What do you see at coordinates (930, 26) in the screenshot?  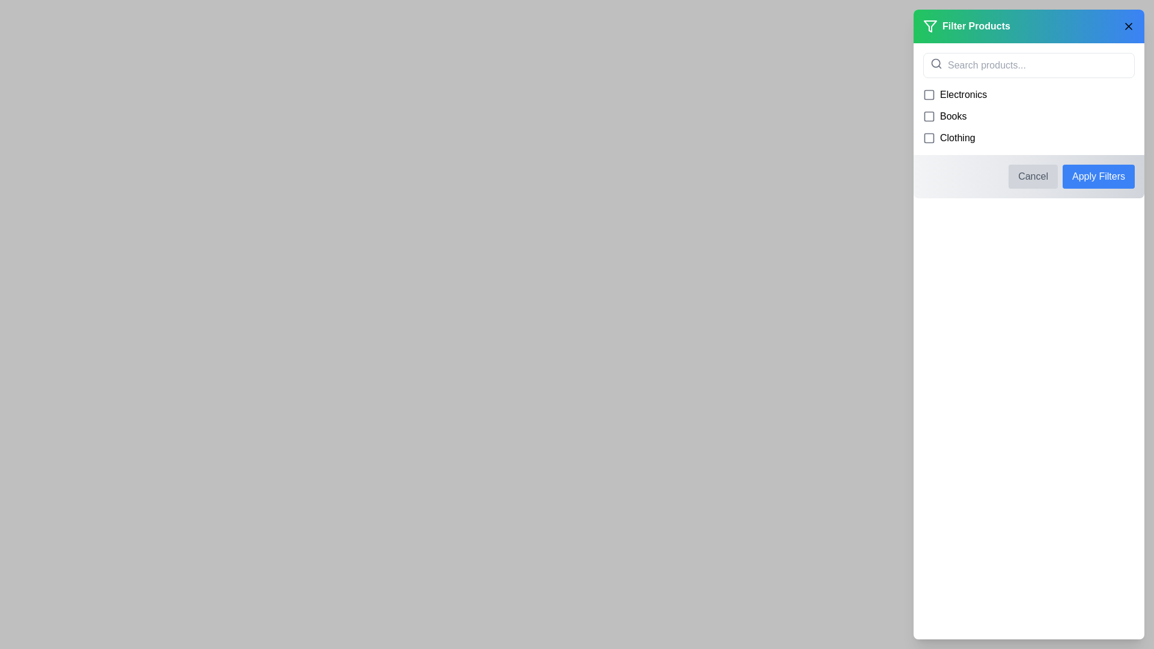 I see `the decorative icon located at the top-left corner of the filter panel's header, next to the text 'Filter Products.'` at bounding box center [930, 26].